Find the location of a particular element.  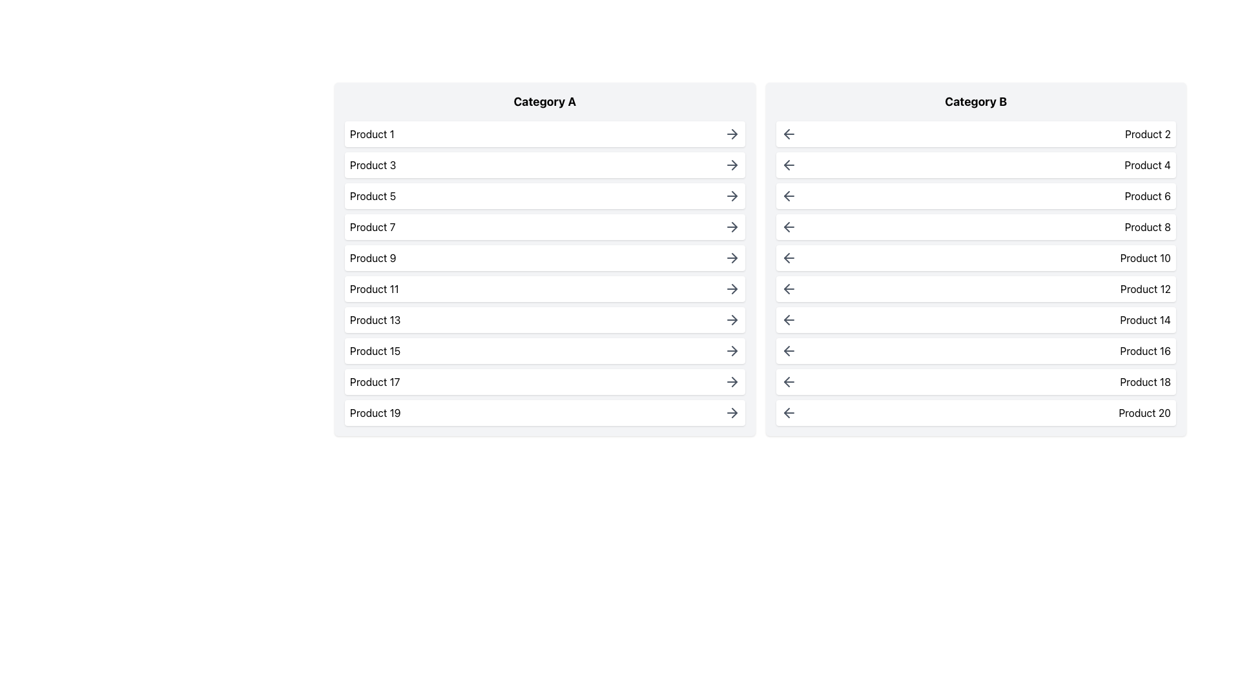

the non-interactive text label in the second column labeled 'Category B', which is adjacent to an arrow icon and aligned with 'Product 10' and 'Product 14' is located at coordinates (1146, 288).